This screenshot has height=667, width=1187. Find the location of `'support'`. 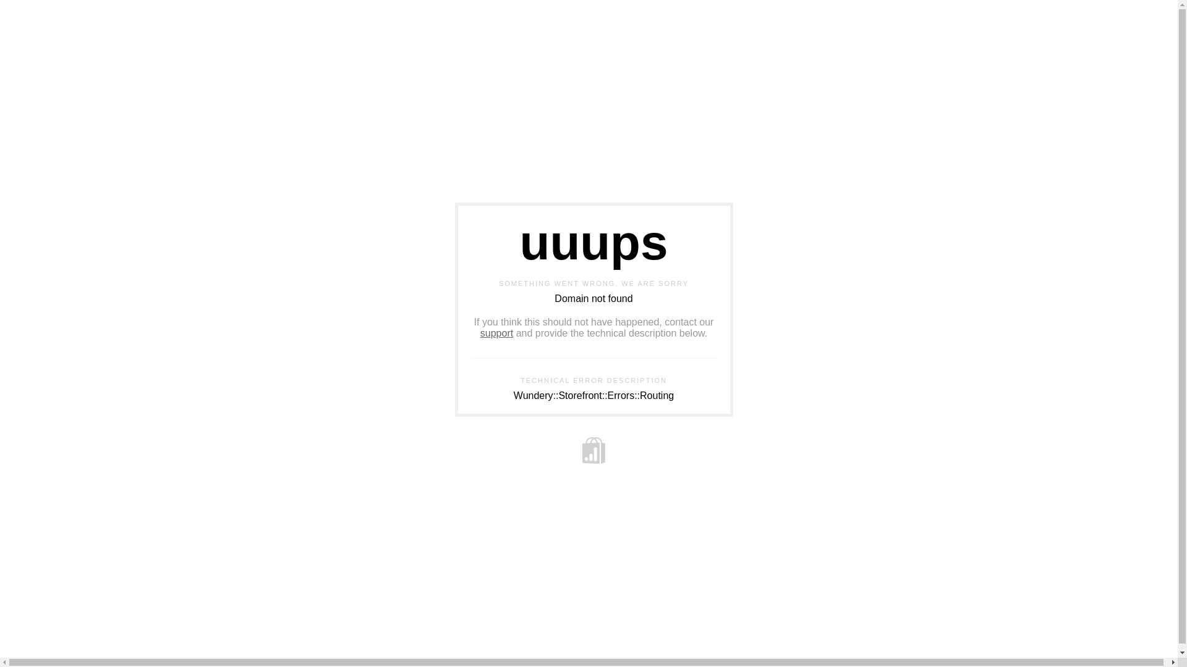

'support' is located at coordinates (496, 332).